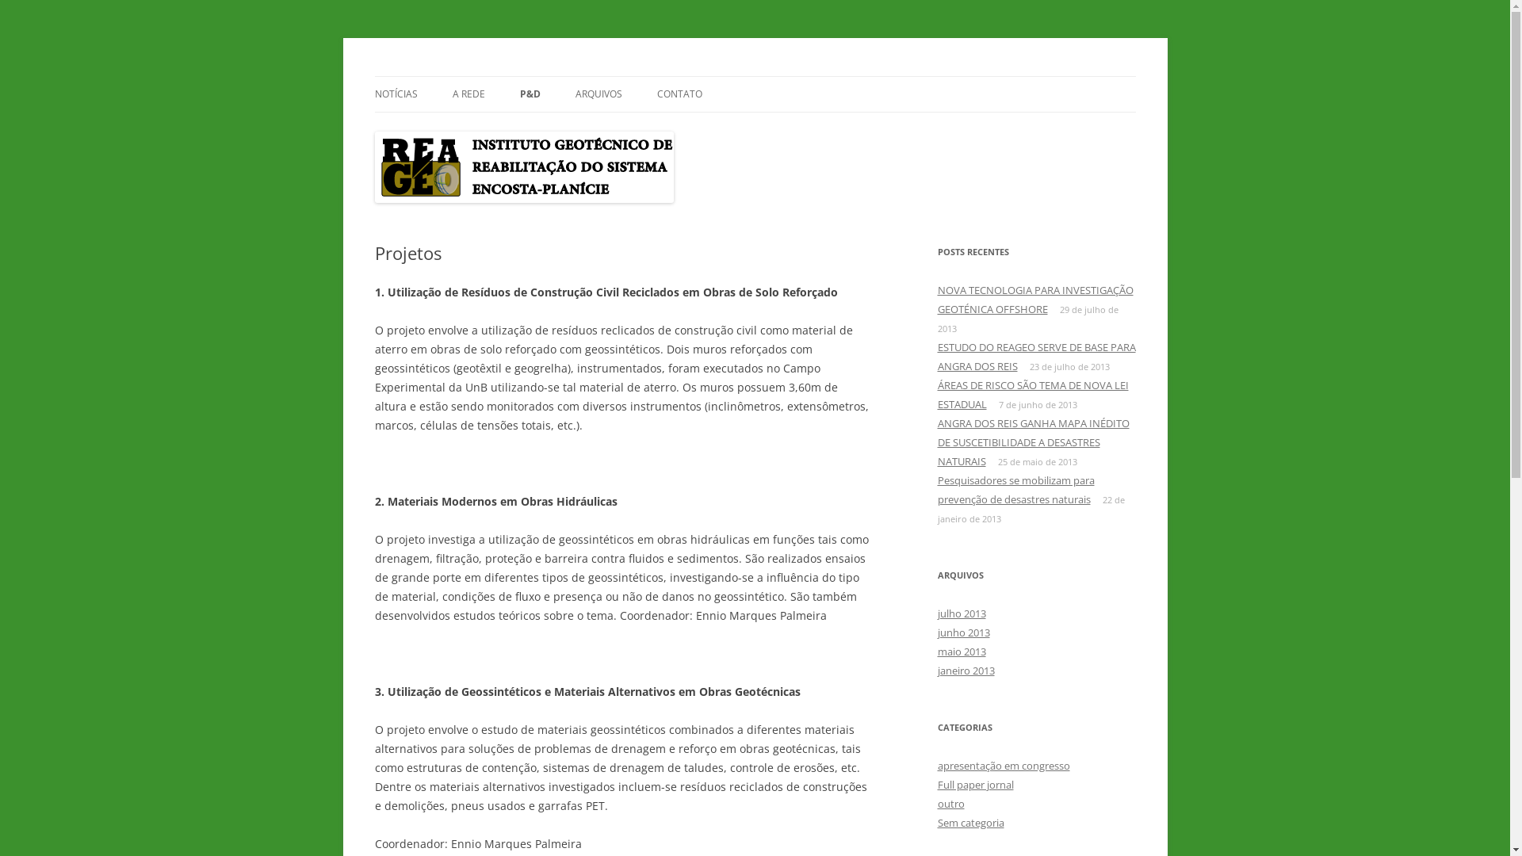  What do you see at coordinates (965, 670) in the screenshot?
I see `'janeiro 2013'` at bounding box center [965, 670].